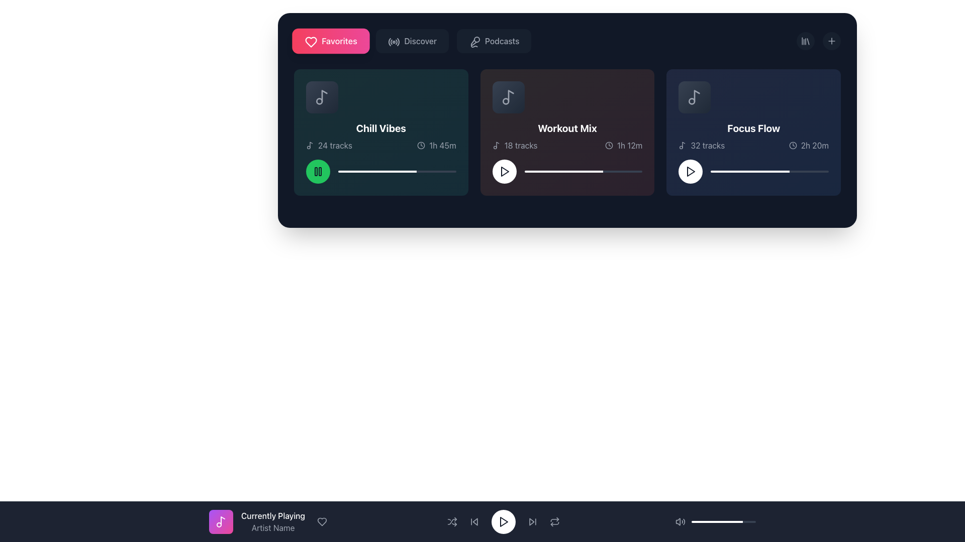  I want to click on the heart icon in the informative component displaying the currently playing music information, located above the footer controls, so click(270, 521).